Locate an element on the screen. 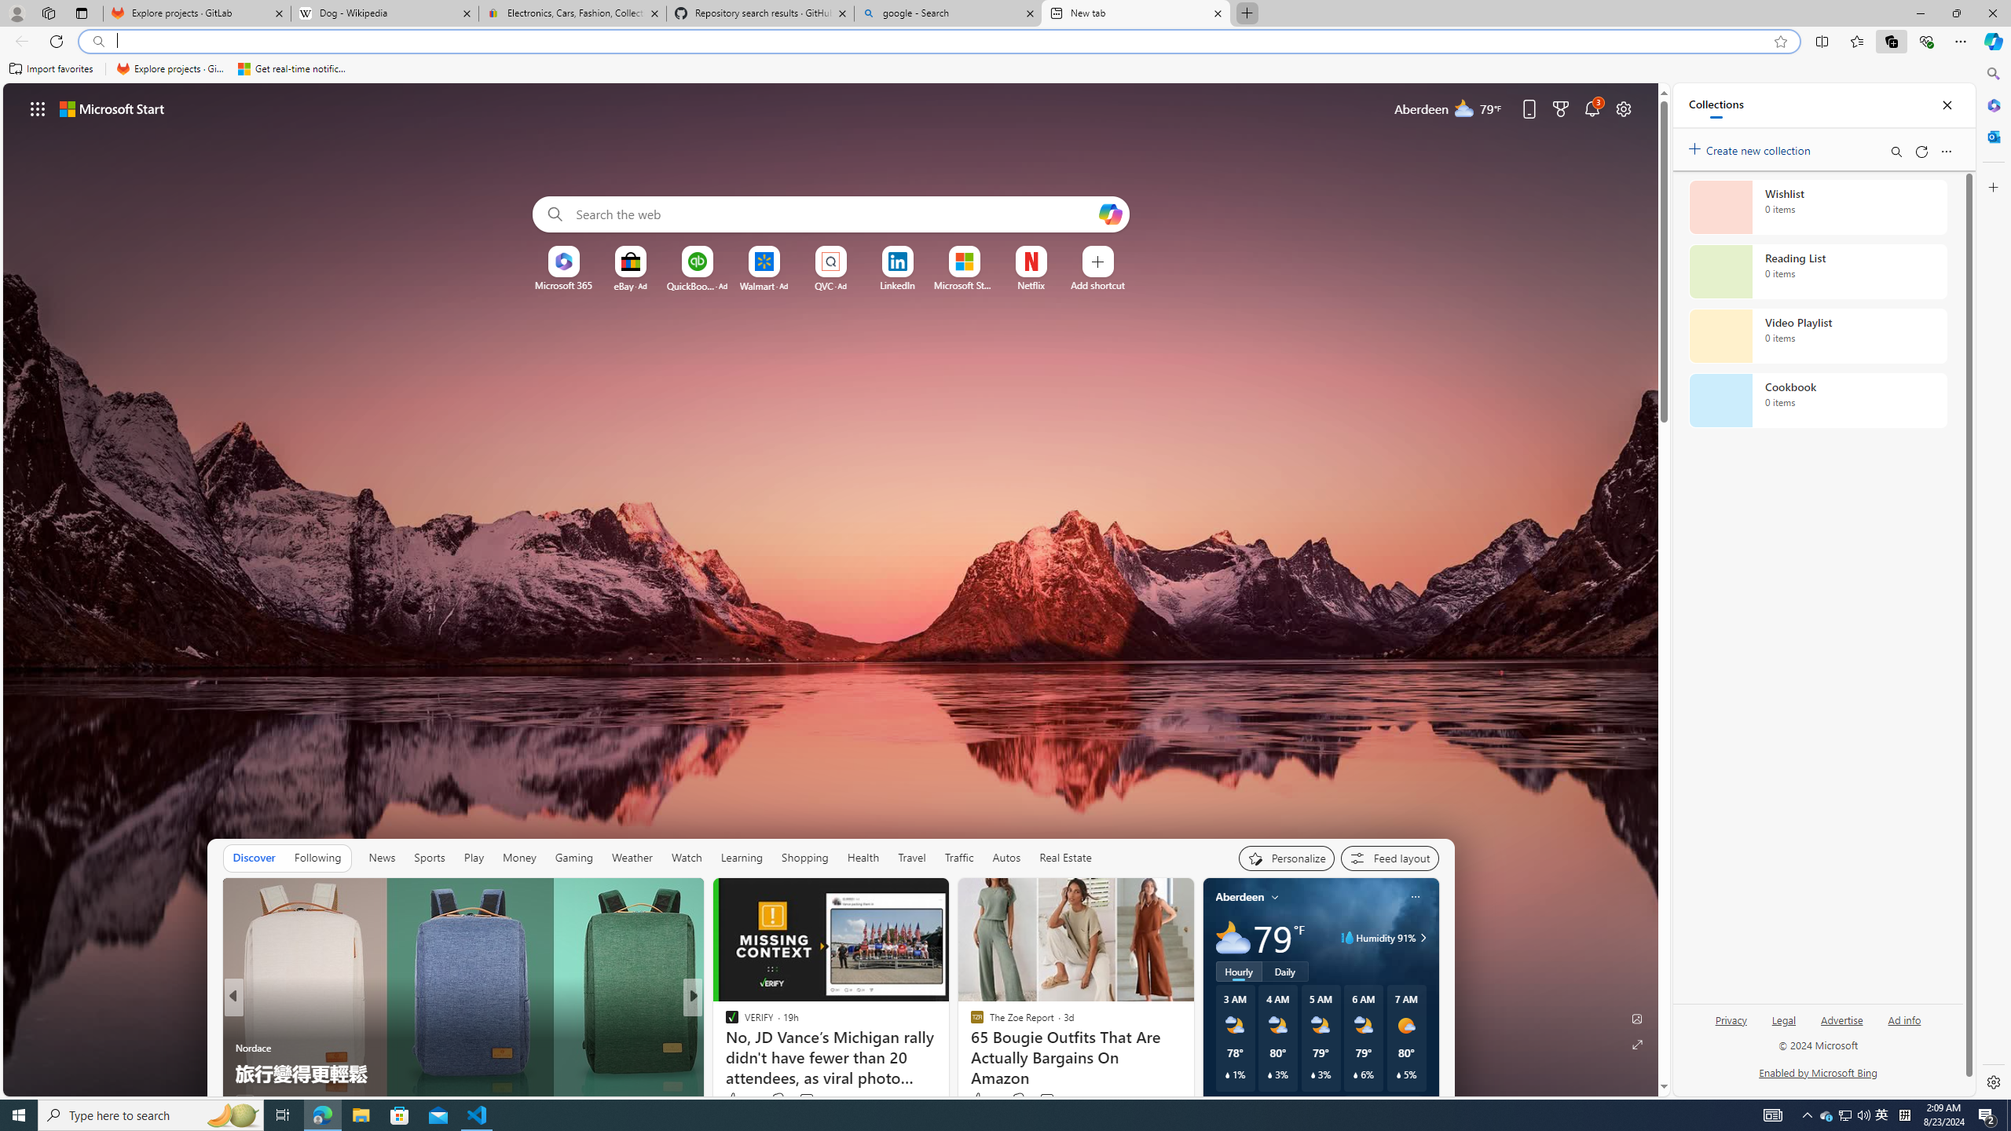  'CNBC' is located at coordinates (723, 1023).